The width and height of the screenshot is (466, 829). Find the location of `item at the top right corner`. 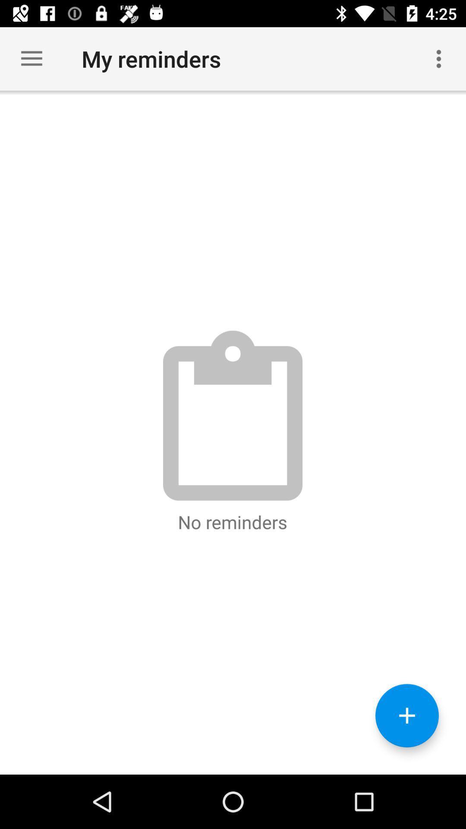

item at the top right corner is located at coordinates (439, 58).